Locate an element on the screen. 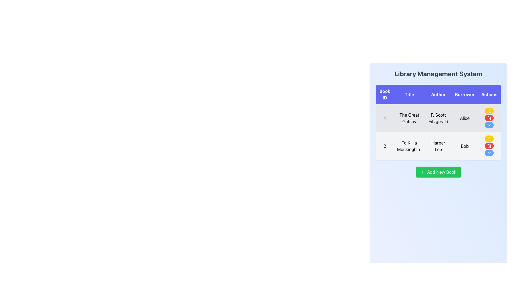  the Text Heading that displays 'Library Management System' in bold, dark gray font, centered above a table layout is located at coordinates (438, 74).